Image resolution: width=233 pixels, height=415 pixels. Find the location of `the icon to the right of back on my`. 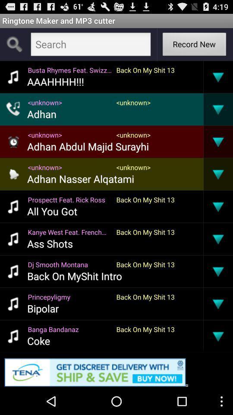

the icon to the right of back on my is located at coordinates (203, 335).